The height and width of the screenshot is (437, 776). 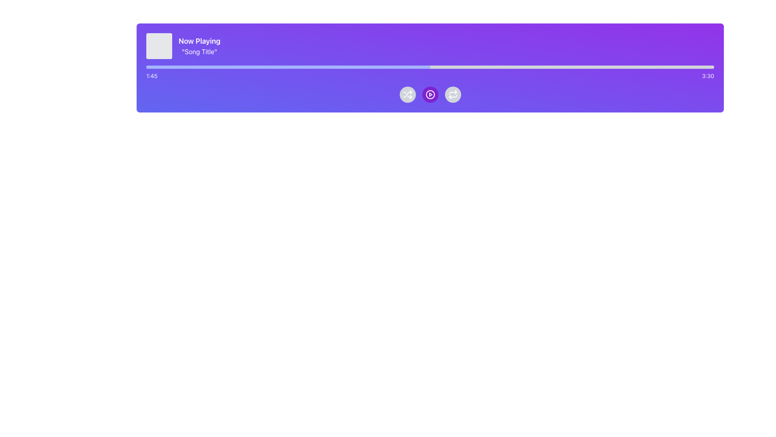 I want to click on the 'Repeat' Icon Button located in the third position of the playback control buttons, so click(x=453, y=94).